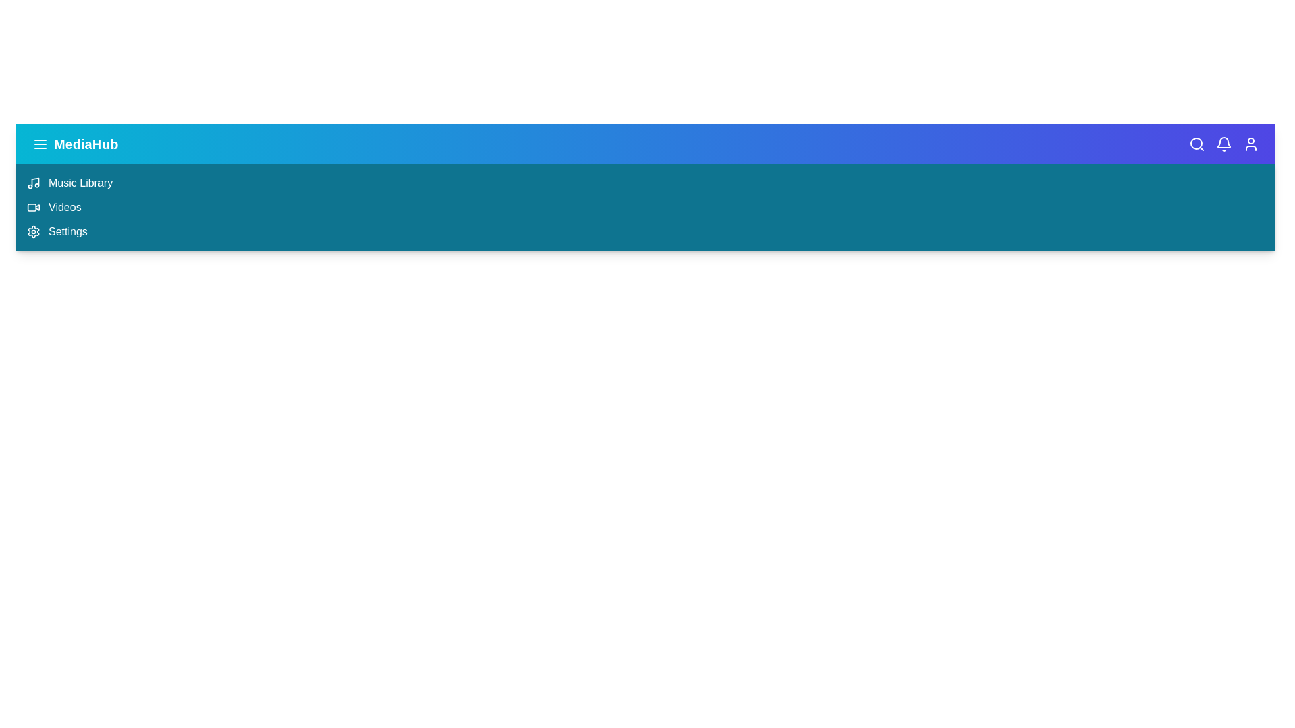 This screenshot has width=1295, height=728. Describe the element at coordinates (67, 231) in the screenshot. I see `the 'Settings' option in the menu` at that location.